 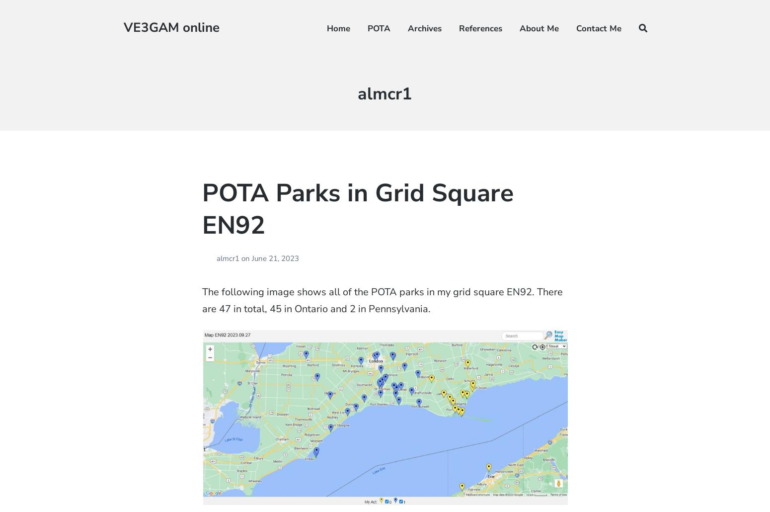 I want to click on 'POTA', so click(x=379, y=28).